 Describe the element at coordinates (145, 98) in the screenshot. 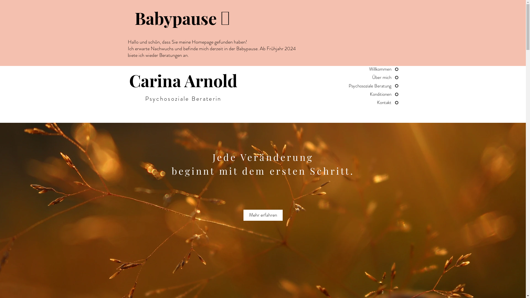

I see `'Psychosoziale Beraterin'` at that location.